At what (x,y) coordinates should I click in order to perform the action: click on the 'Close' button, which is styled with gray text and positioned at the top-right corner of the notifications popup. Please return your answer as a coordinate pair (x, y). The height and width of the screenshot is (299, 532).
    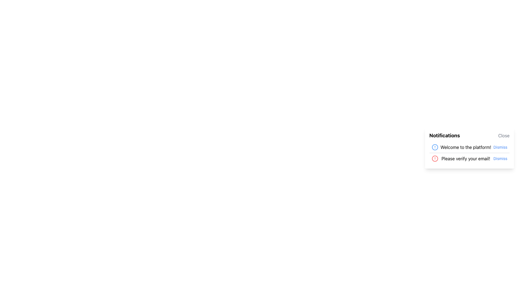
    Looking at the image, I should click on (504, 135).